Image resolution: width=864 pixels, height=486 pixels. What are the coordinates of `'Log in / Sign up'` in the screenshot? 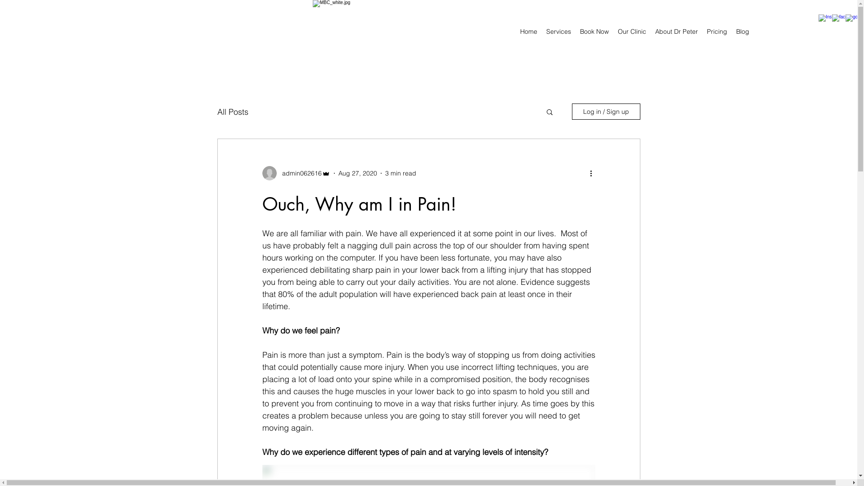 It's located at (605, 111).